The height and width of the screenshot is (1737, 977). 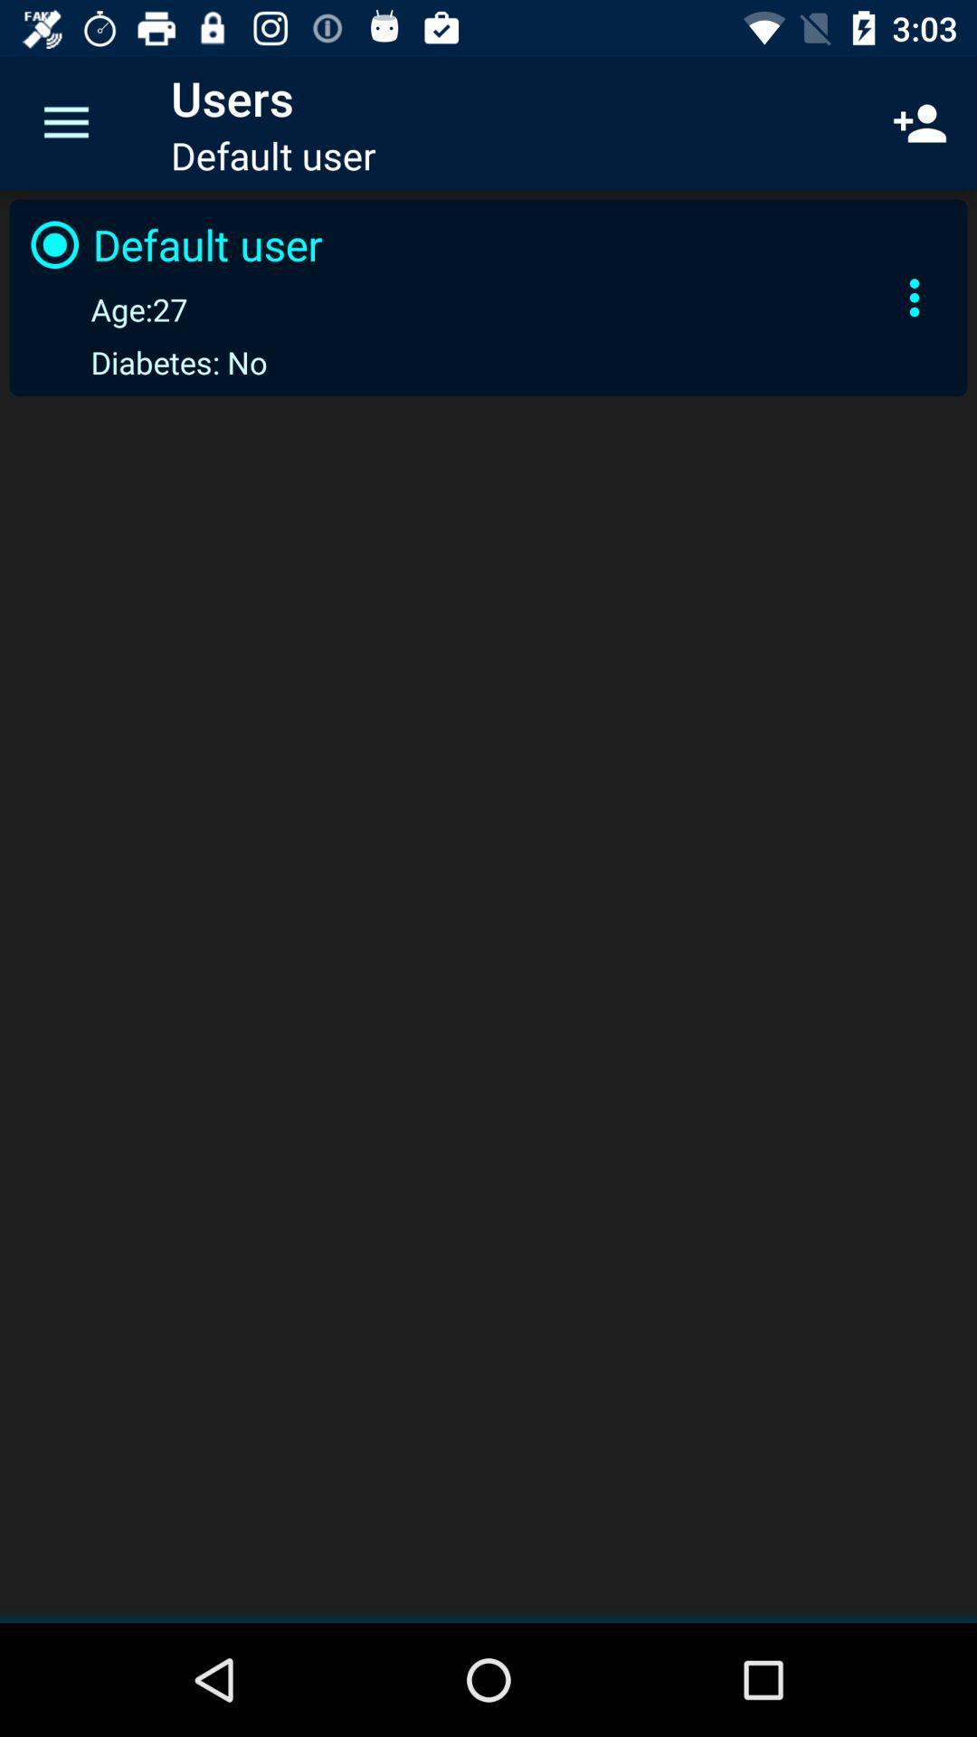 What do you see at coordinates (65, 122) in the screenshot?
I see `the icon next to users item` at bounding box center [65, 122].